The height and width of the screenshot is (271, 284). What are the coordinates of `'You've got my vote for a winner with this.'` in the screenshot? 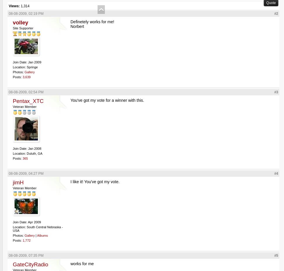 It's located at (70, 100).